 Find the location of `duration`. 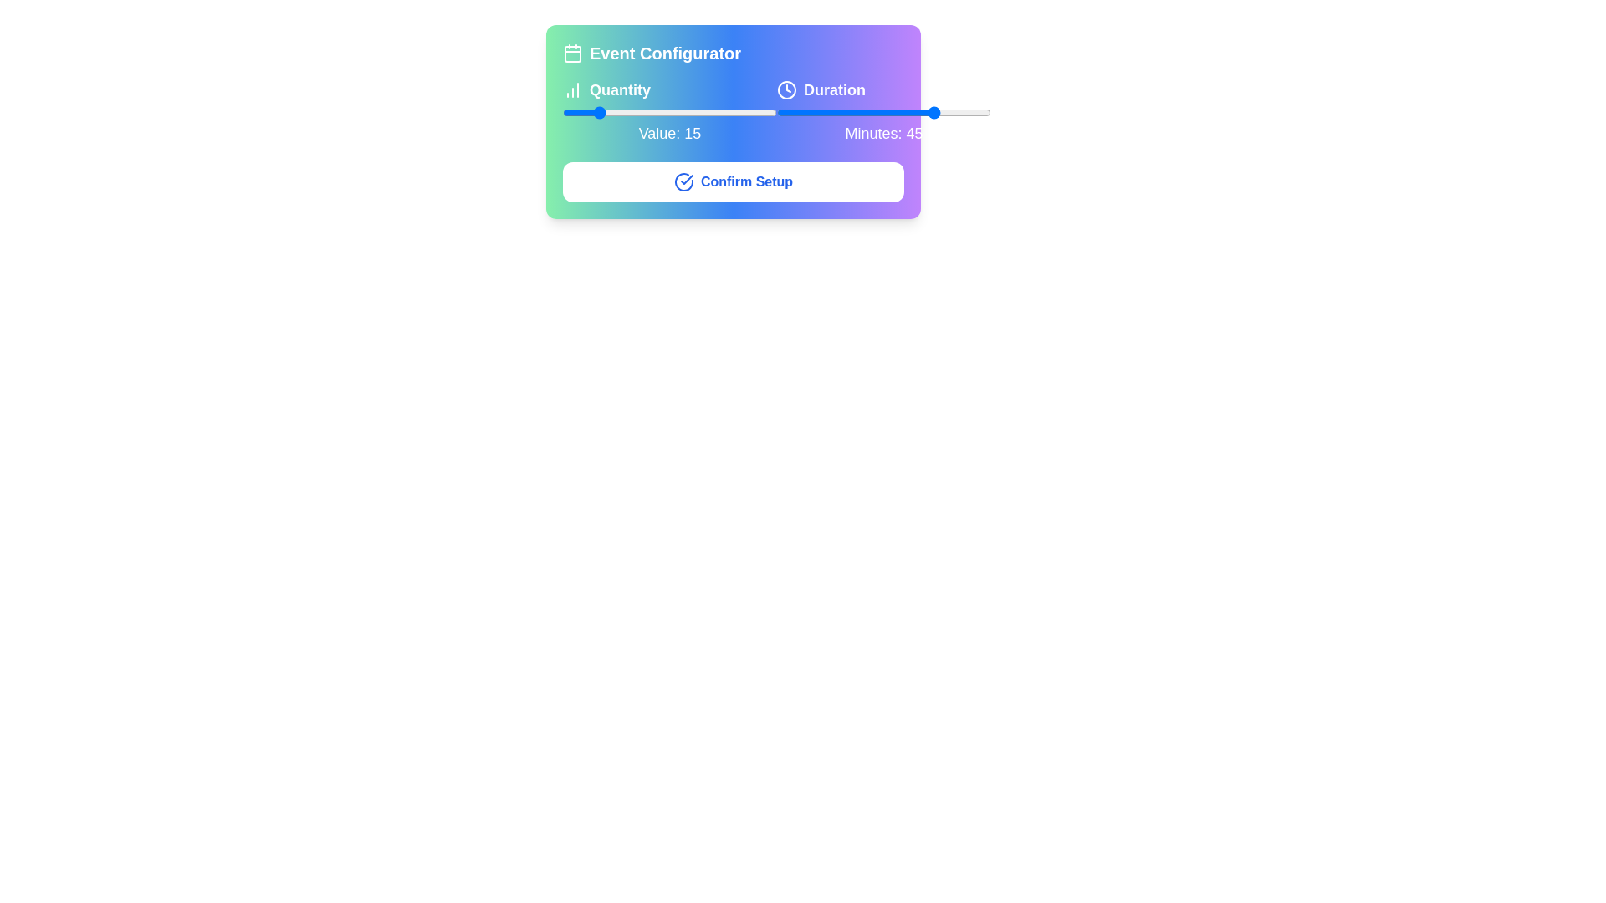

duration is located at coordinates (834, 113).